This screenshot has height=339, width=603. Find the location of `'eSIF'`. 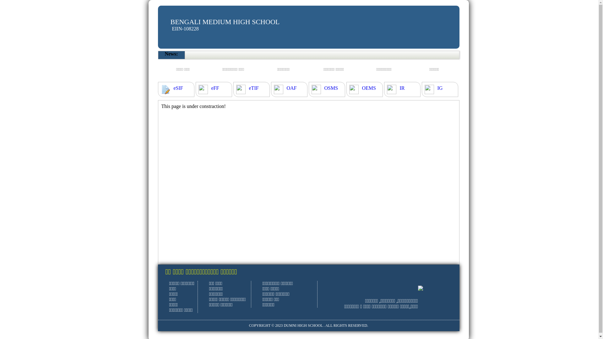

'eSIF' is located at coordinates (177, 88).